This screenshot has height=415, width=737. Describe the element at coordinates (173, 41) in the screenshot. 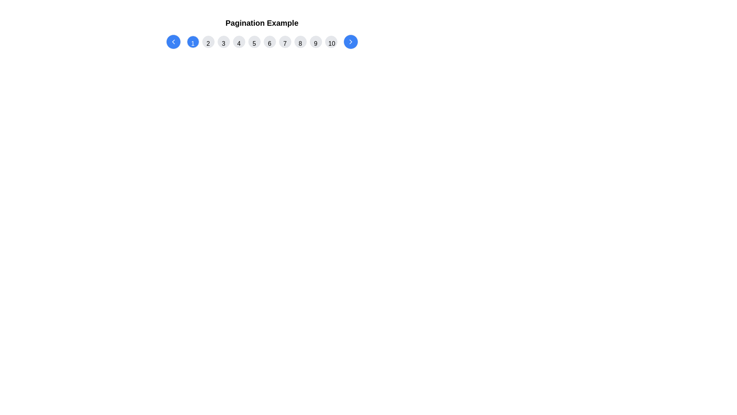

I see `the left-pointing chevron icon inside the blue circular button` at that location.